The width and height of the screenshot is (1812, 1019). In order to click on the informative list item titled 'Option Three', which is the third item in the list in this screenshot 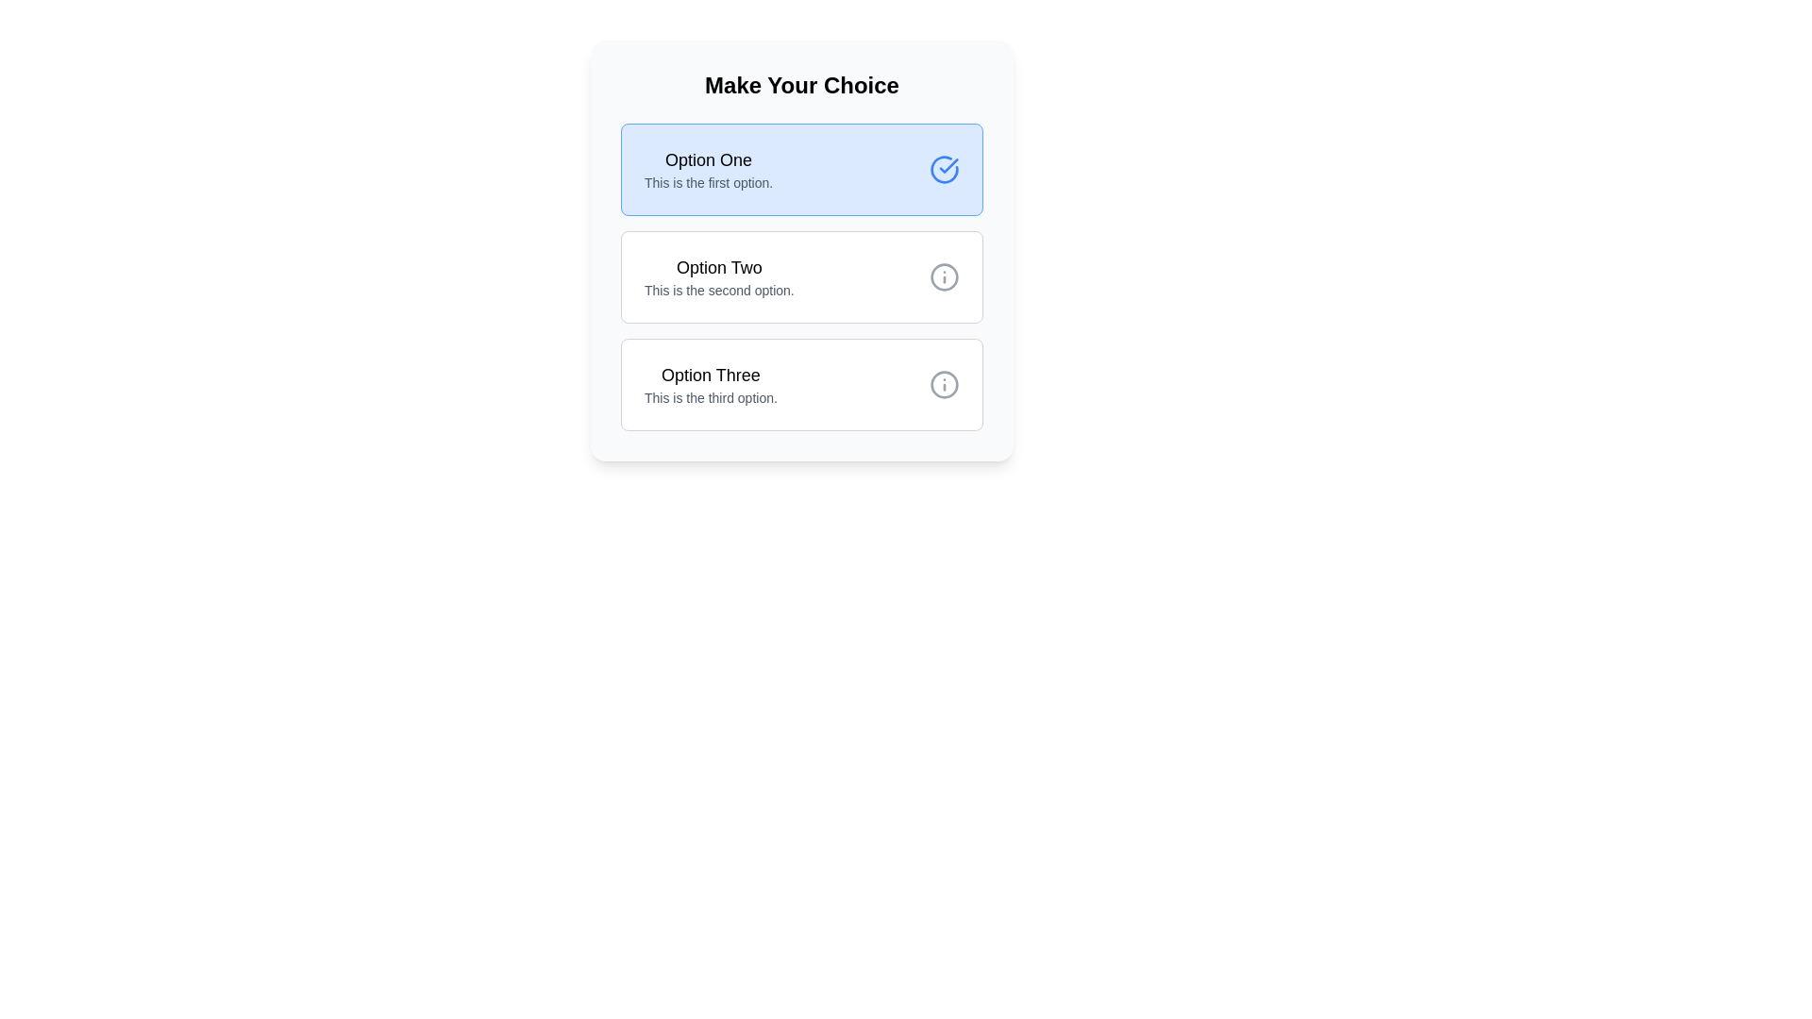, I will do `click(710, 384)`.